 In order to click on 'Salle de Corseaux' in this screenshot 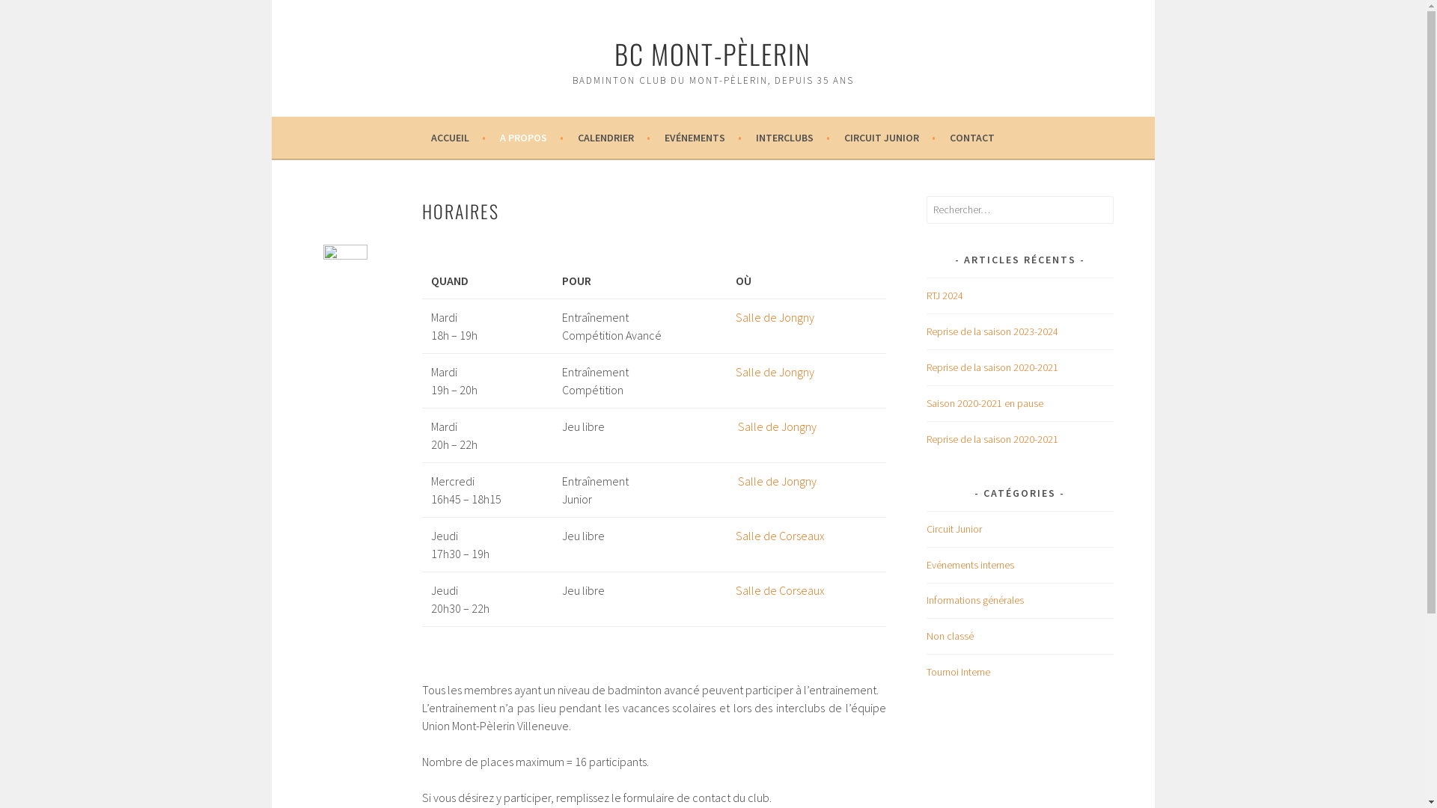, I will do `click(779, 590)`.